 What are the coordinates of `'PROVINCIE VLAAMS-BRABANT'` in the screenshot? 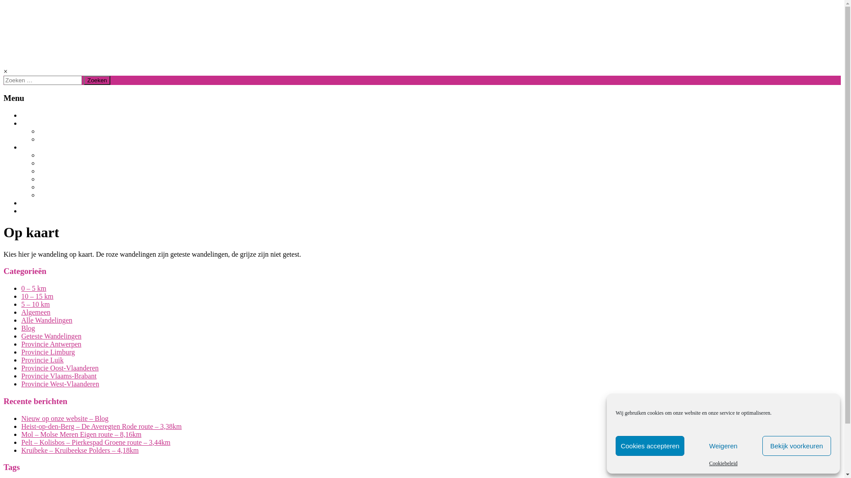 It's located at (87, 171).